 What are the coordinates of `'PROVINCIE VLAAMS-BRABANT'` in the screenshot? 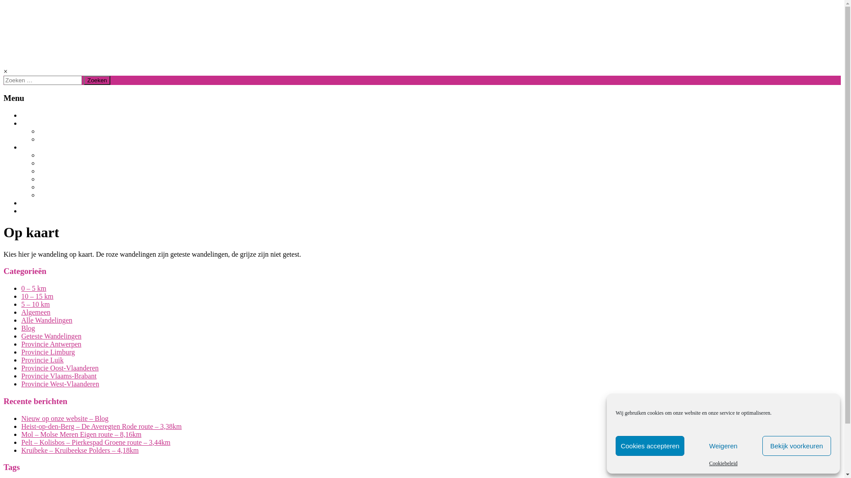 It's located at (87, 171).